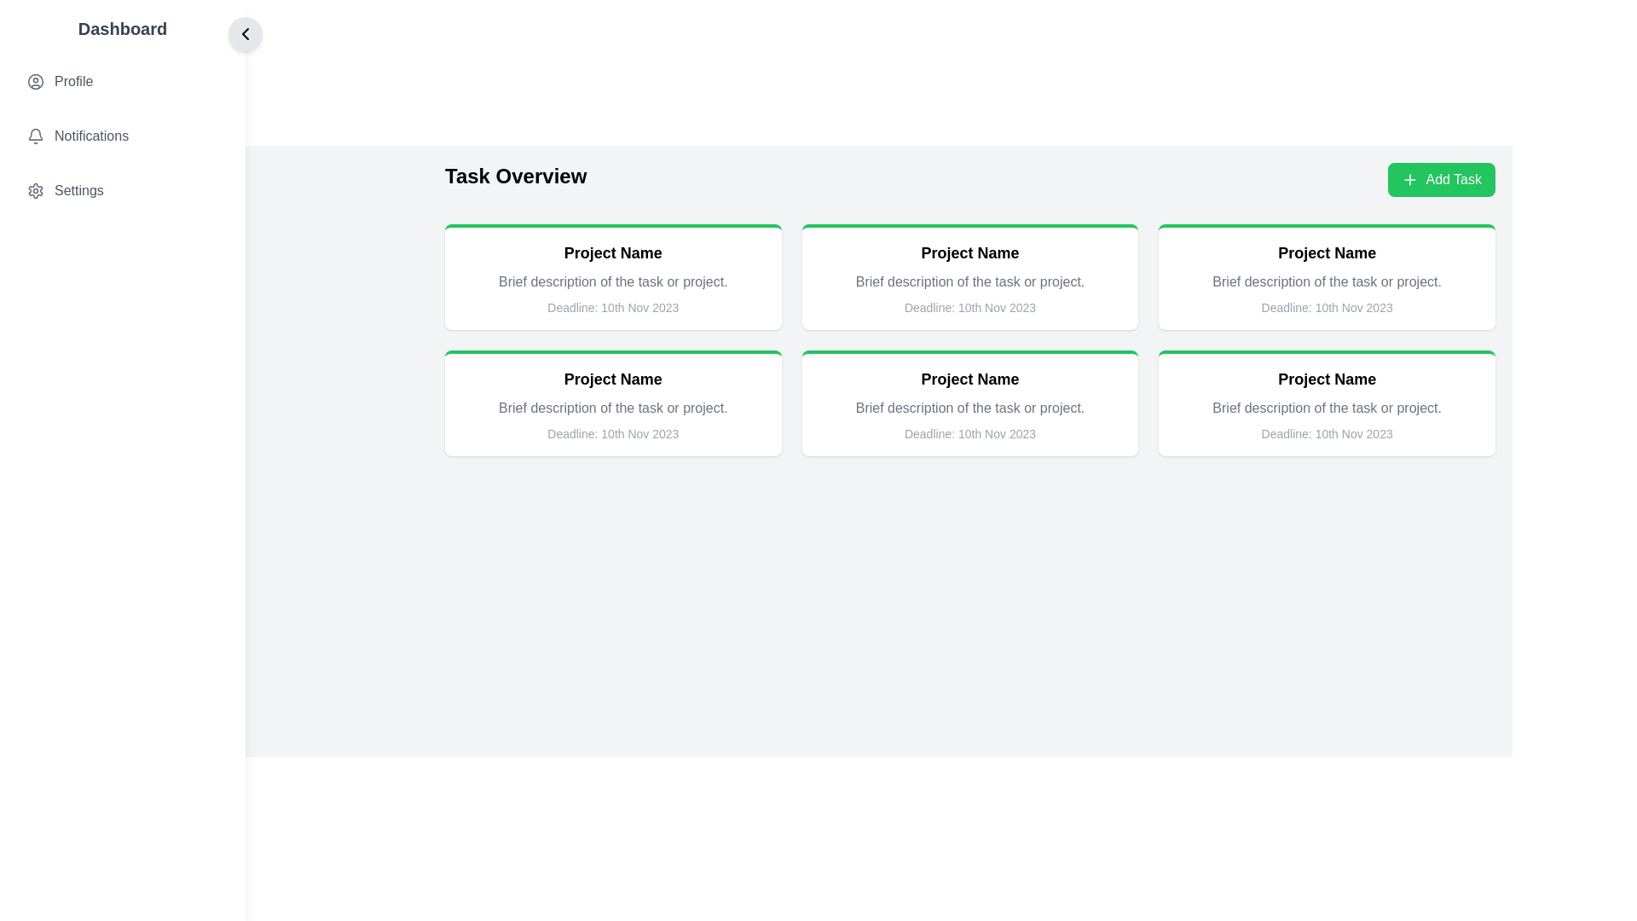  What do you see at coordinates (122, 135) in the screenshot?
I see `the Notifications list item located in the left sidebar` at bounding box center [122, 135].